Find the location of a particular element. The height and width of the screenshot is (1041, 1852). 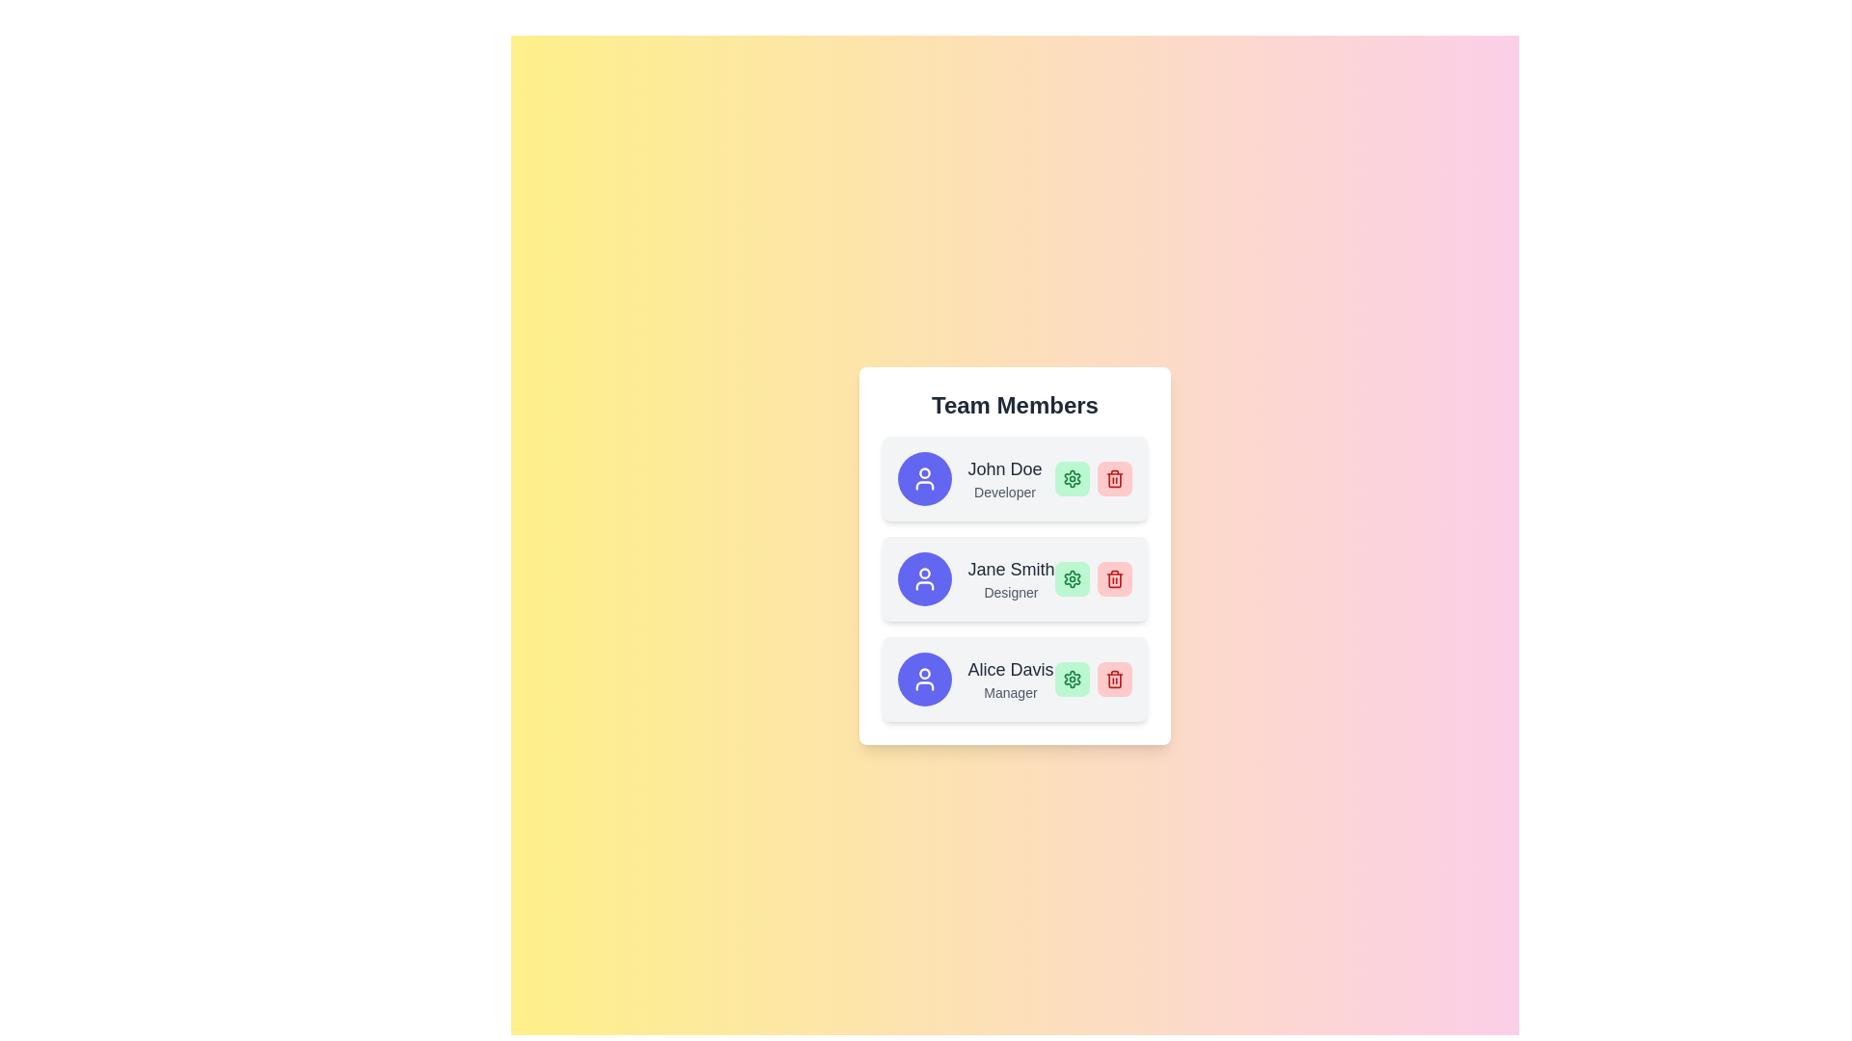

the user name displayed in the user profile component, which is the third entry in the 'Team Members' list is located at coordinates (976, 679).